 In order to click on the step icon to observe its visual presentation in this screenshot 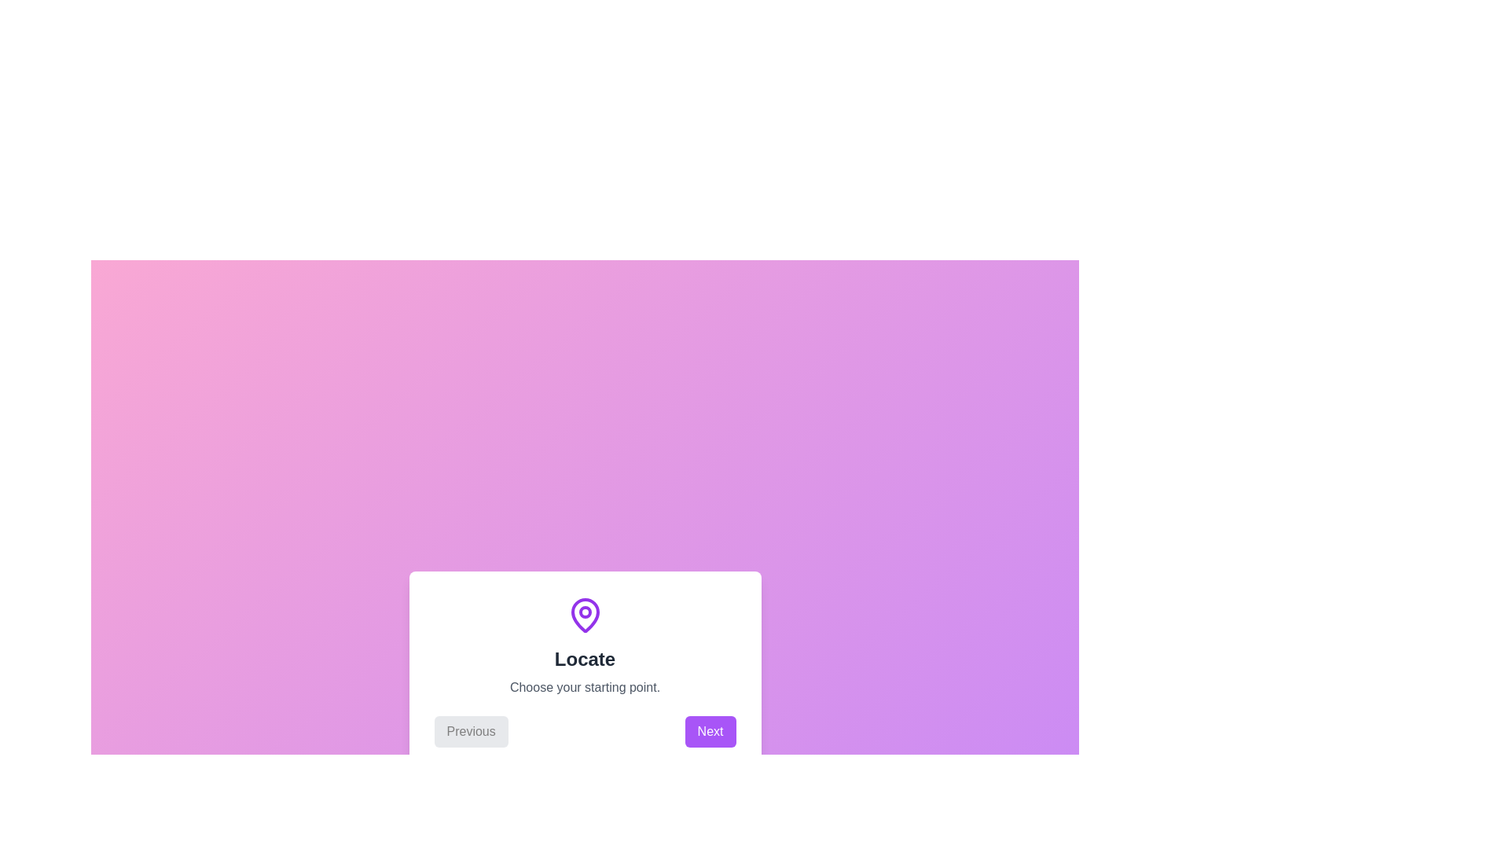, I will do `click(584, 615)`.